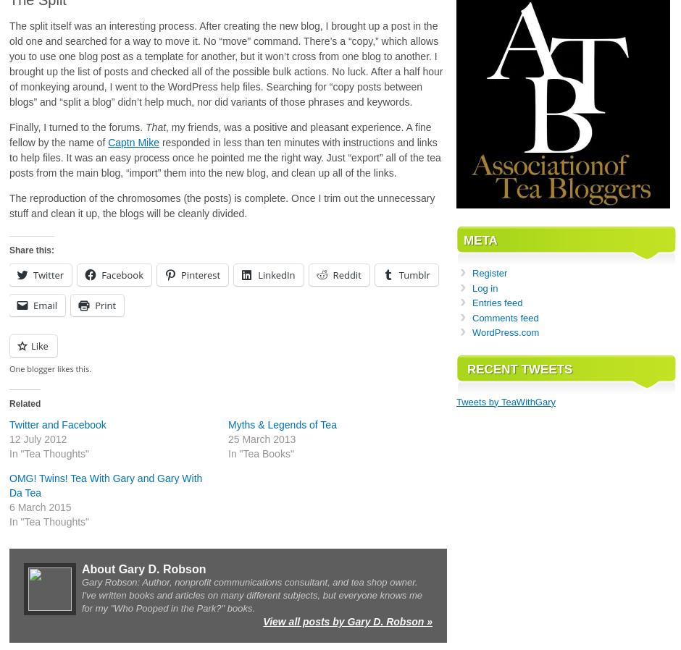 This screenshot has height=650, width=681. I want to click on 'Reddit', so click(346, 275).